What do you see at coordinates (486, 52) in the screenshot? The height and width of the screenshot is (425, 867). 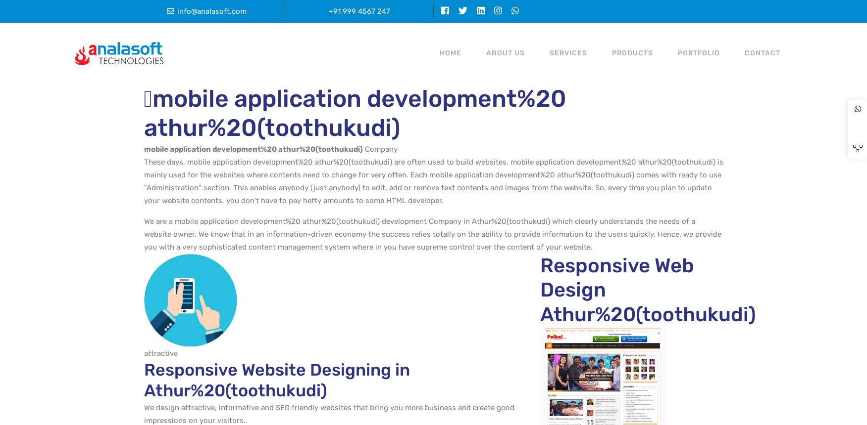 I see `'ABOUT US'` at bounding box center [486, 52].